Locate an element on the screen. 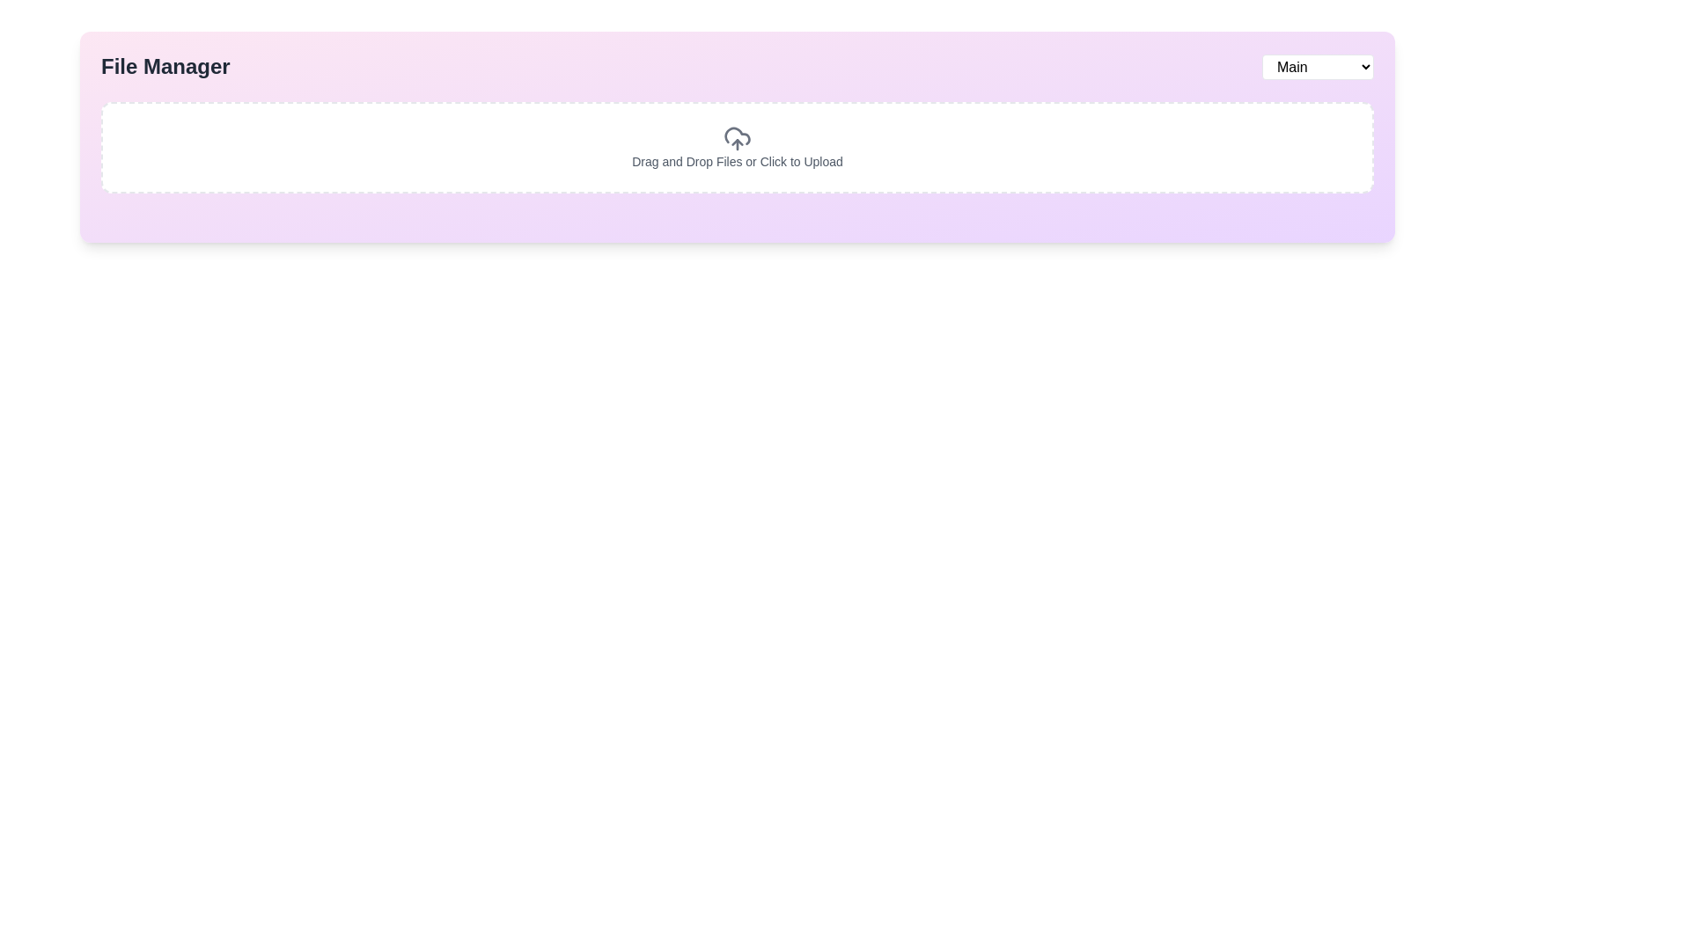  the area surrounding the cloud upload icon located at the center of the 'Drag and Drop Files or Click to Upload' box to initiate the upload process is located at coordinates (738, 138).